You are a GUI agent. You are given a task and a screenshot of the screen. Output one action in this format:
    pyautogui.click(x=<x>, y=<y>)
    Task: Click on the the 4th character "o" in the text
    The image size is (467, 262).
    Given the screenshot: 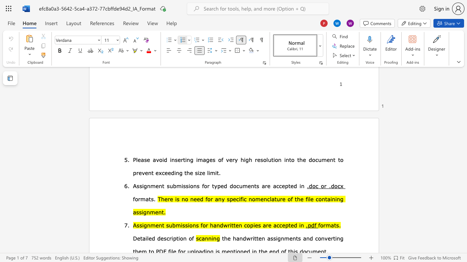 What is the action you would take?
    pyautogui.click(x=313, y=159)
    